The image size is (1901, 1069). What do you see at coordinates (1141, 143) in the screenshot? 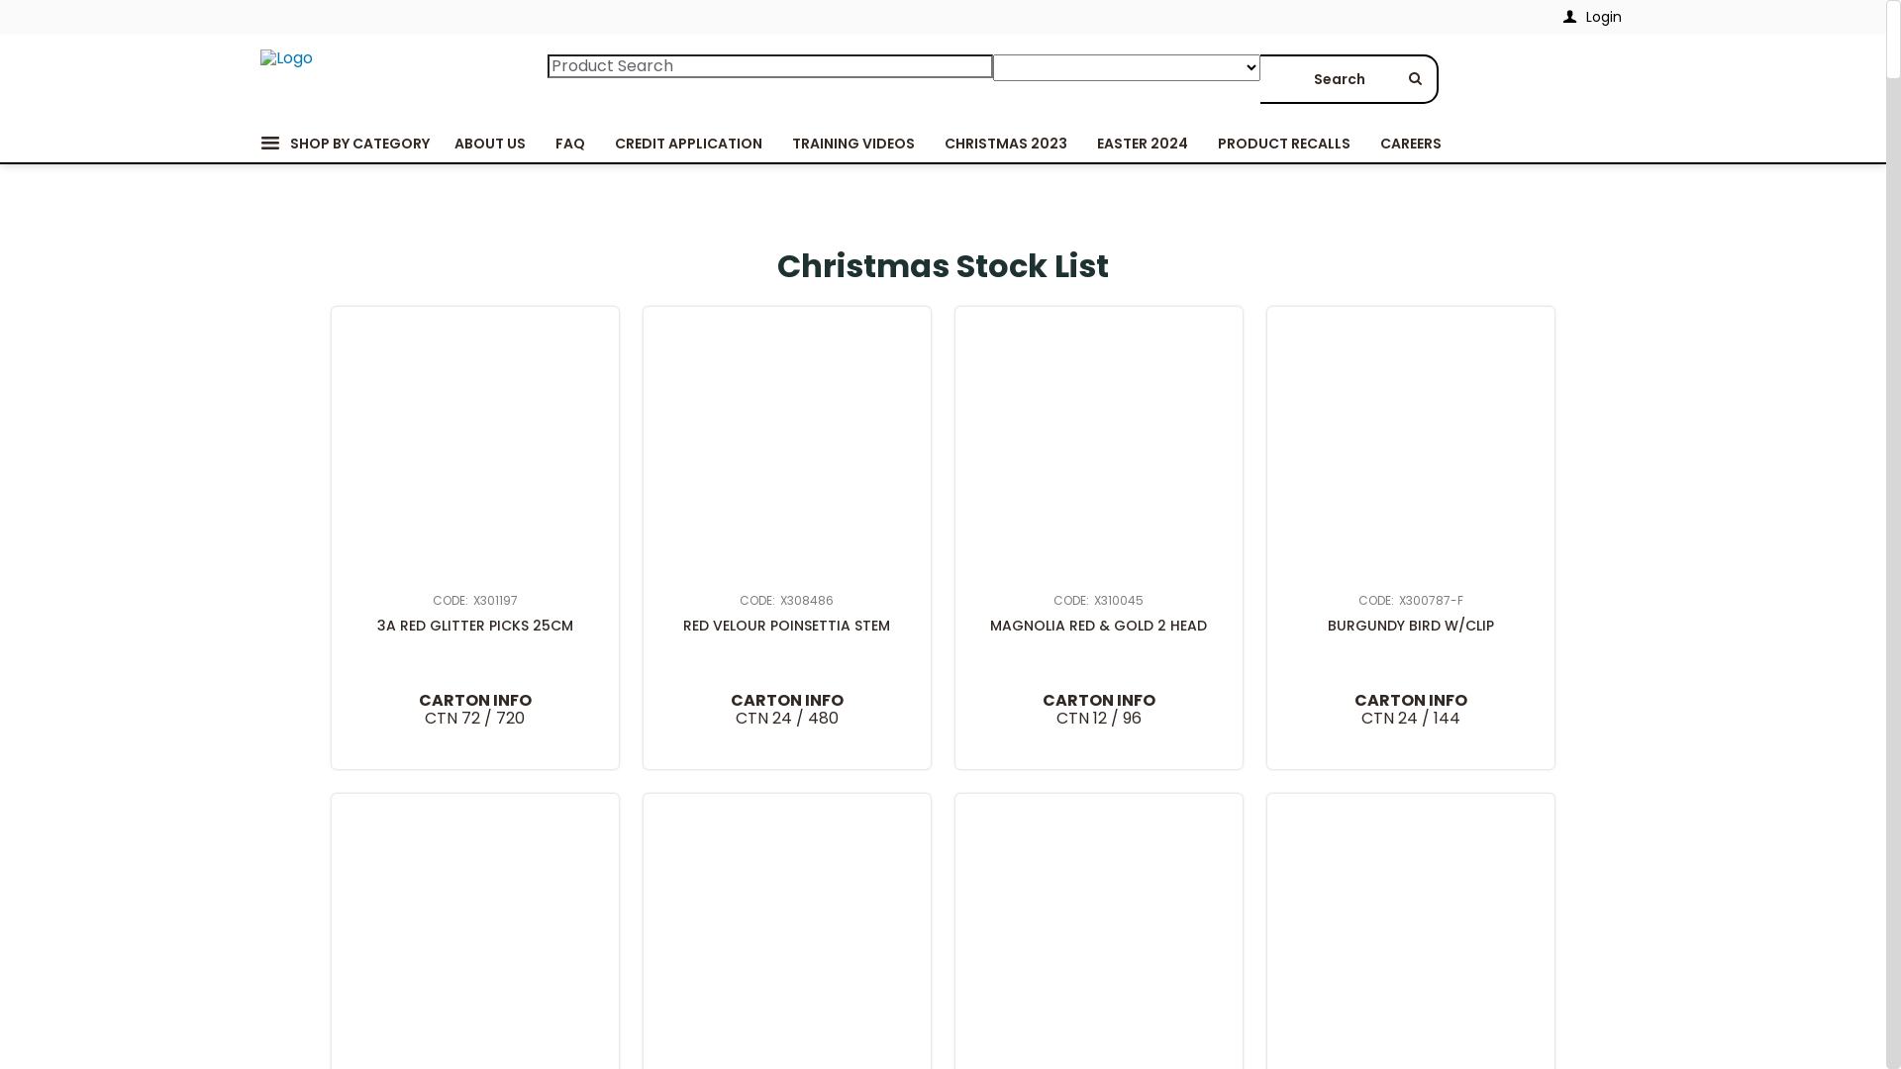
I see `'EASTER 2024'` at bounding box center [1141, 143].